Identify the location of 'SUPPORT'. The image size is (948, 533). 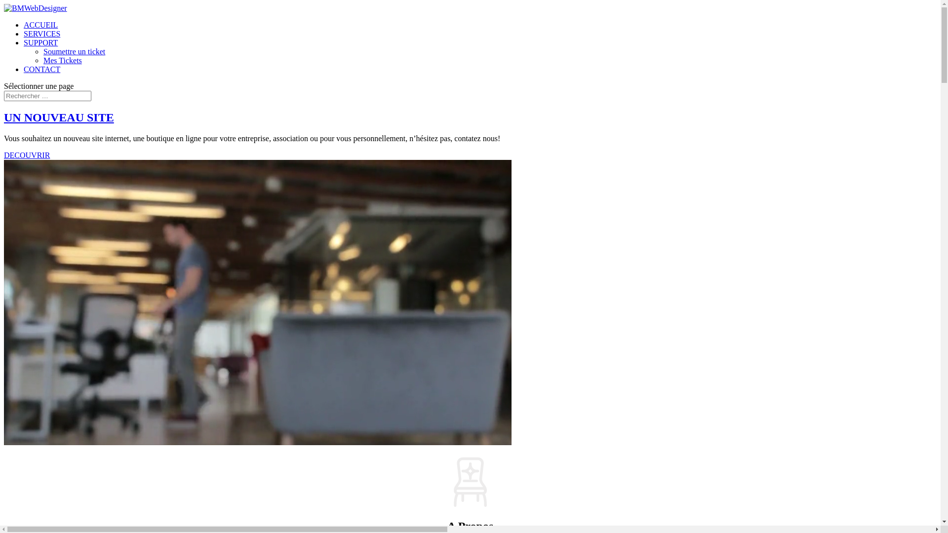
(24, 42).